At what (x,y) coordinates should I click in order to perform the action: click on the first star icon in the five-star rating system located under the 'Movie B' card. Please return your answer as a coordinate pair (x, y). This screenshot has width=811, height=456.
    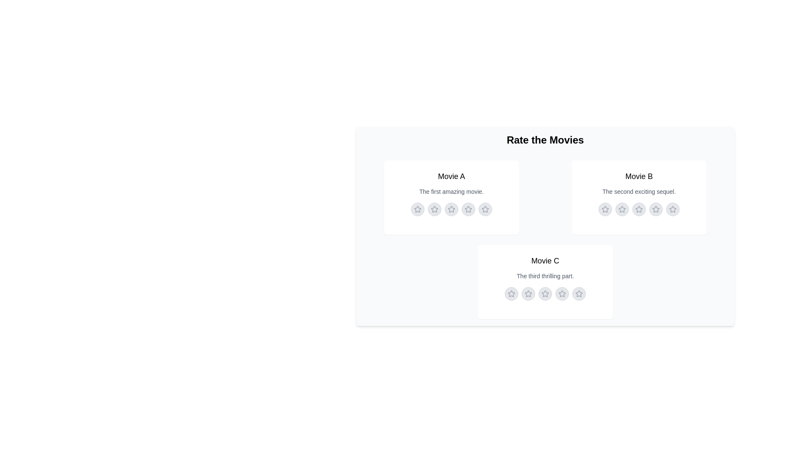
    Looking at the image, I should click on (622, 209).